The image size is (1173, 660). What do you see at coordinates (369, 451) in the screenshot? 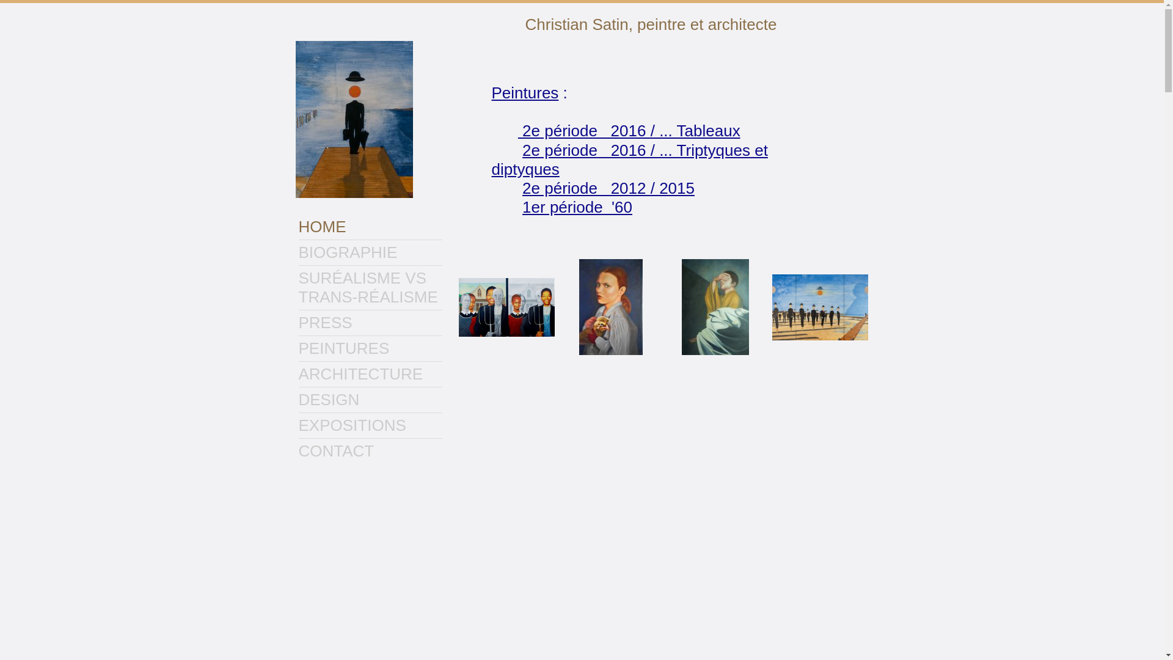
I see `'CONTACT'` at bounding box center [369, 451].